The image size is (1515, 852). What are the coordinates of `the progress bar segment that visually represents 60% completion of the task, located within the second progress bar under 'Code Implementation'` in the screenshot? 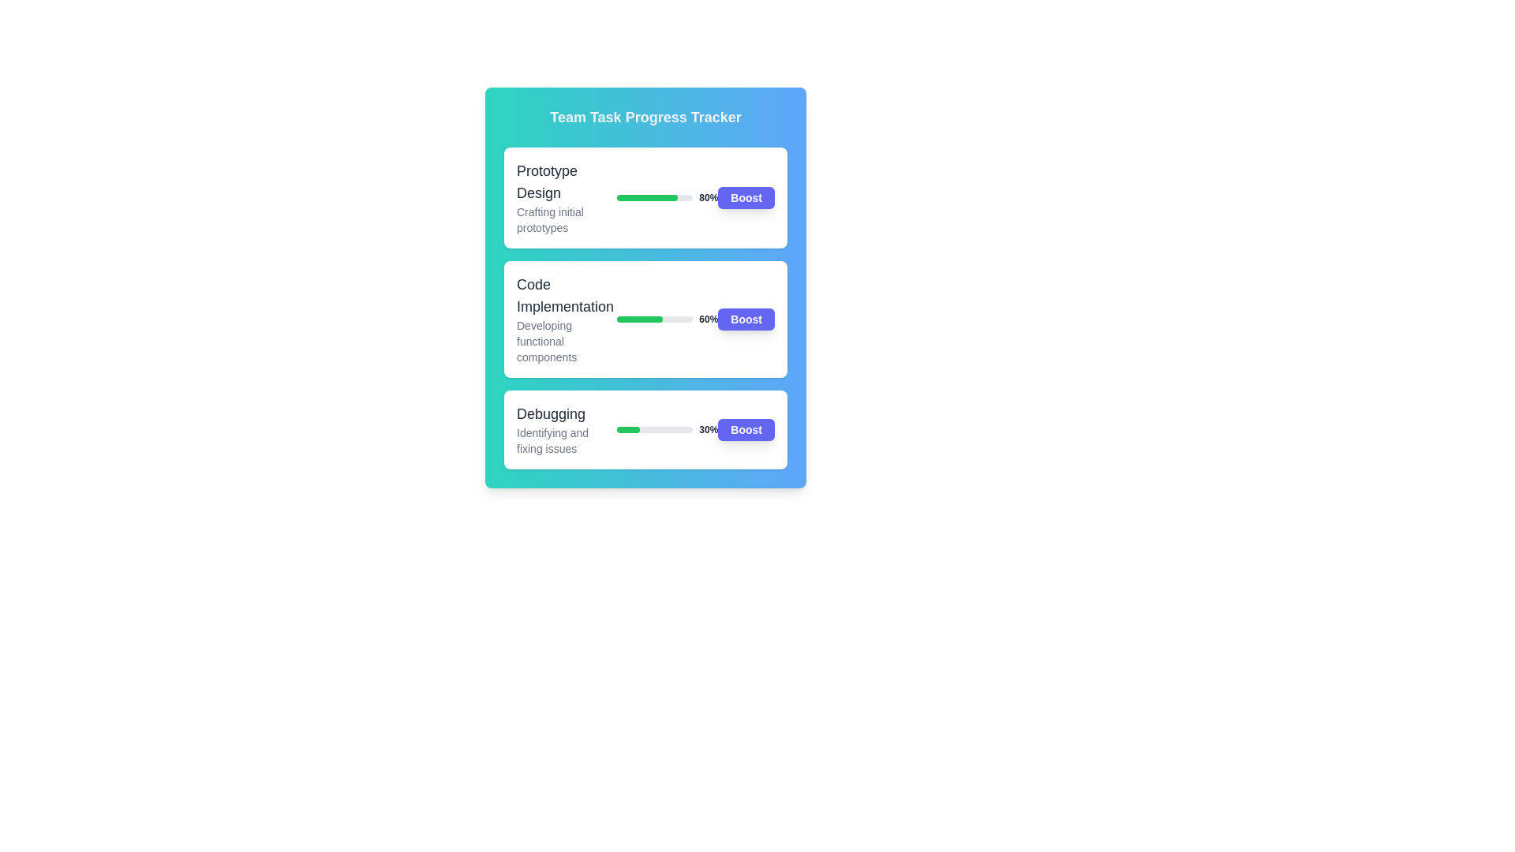 It's located at (640, 319).